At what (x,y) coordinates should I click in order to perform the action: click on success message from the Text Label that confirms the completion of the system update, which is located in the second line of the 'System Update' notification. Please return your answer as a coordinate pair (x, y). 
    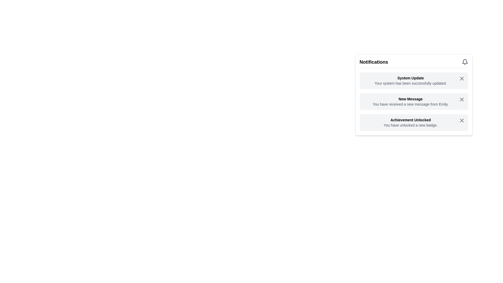
    Looking at the image, I should click on (410, 83).